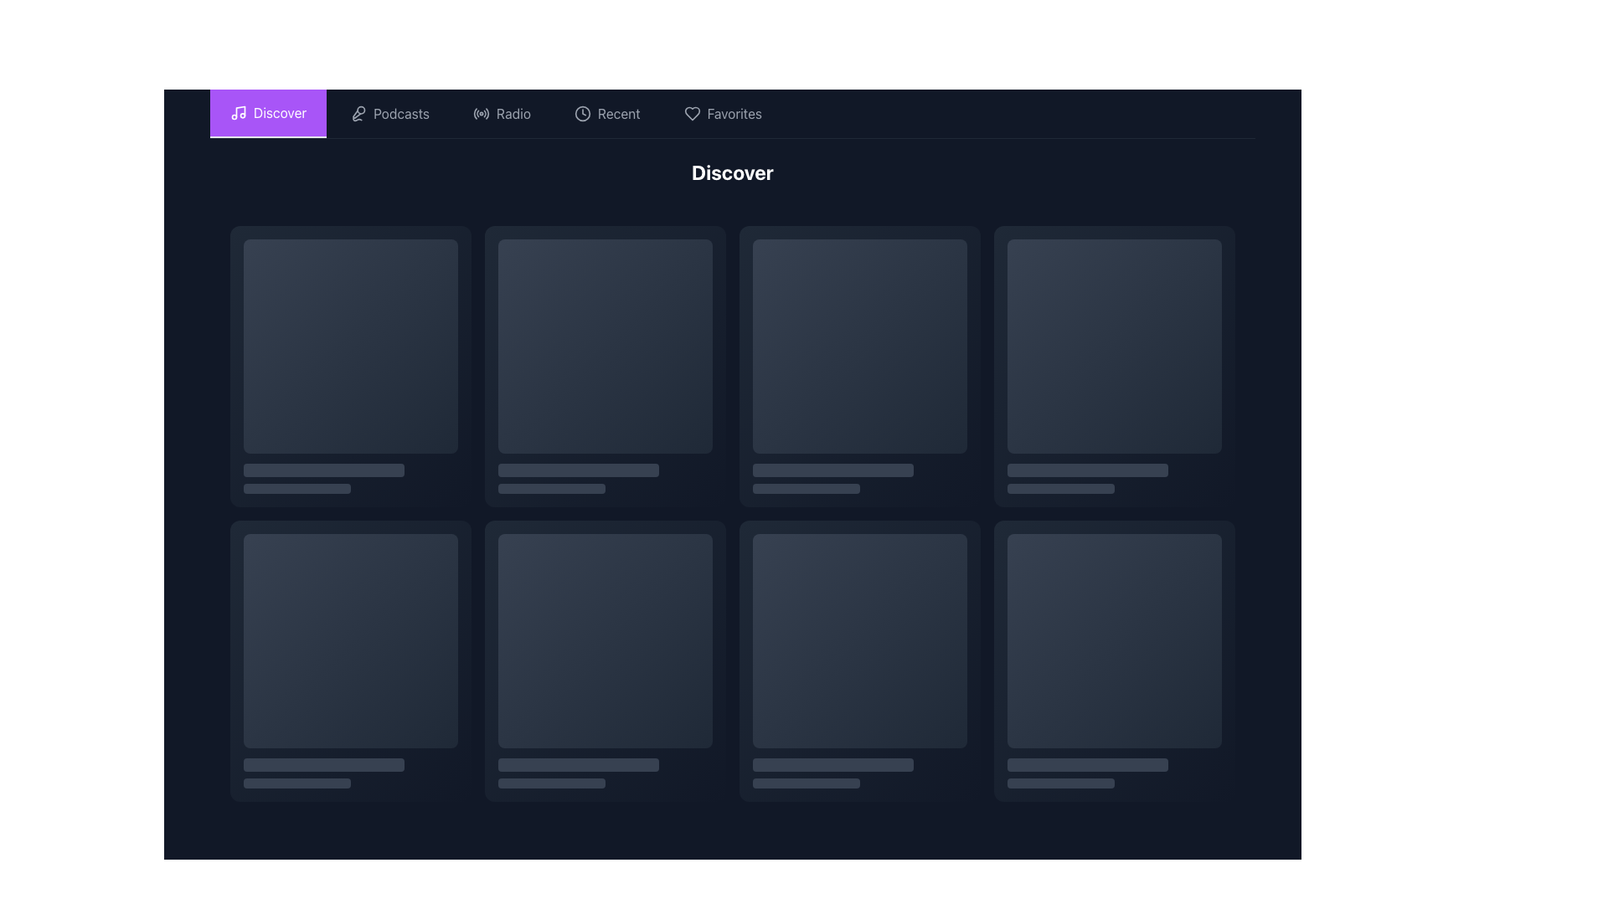  Describe the element at coordinates (807, 783) in the screenshot. I see `the decorative bar or progress indicator, which is a narrow horizontal gray bar located in the lower section of its content card layout` at that location.